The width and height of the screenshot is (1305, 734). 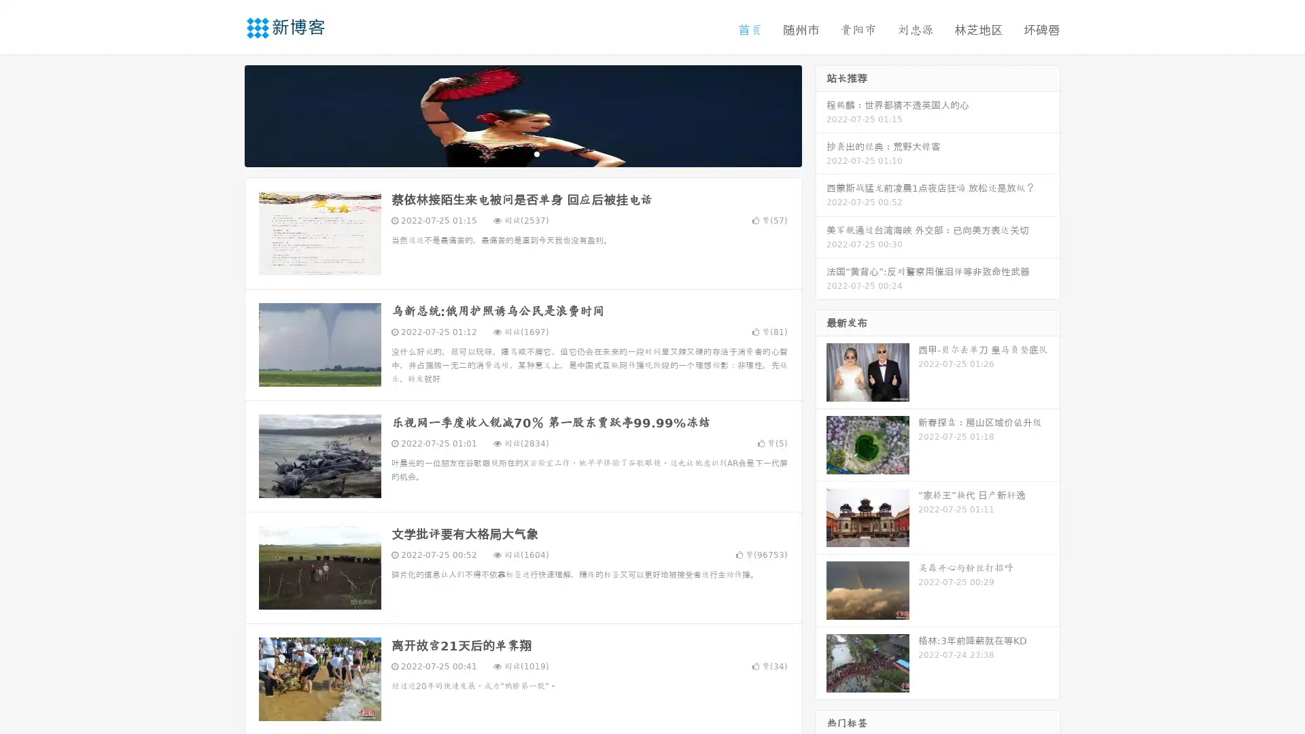 I want to click on Next slide, so click(x=821, y=114).